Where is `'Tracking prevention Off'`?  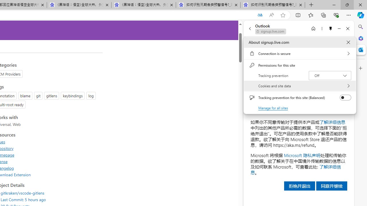 'Tracking prevention Off' is located at coordinates (330, 75).